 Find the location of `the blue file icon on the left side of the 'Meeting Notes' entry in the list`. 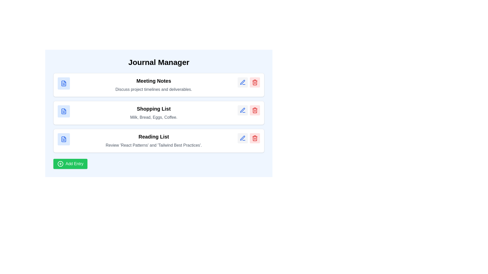

the blue file icon on the left side of the 'Meeting Notes' entry in the list is located at coordinates (63, 83).